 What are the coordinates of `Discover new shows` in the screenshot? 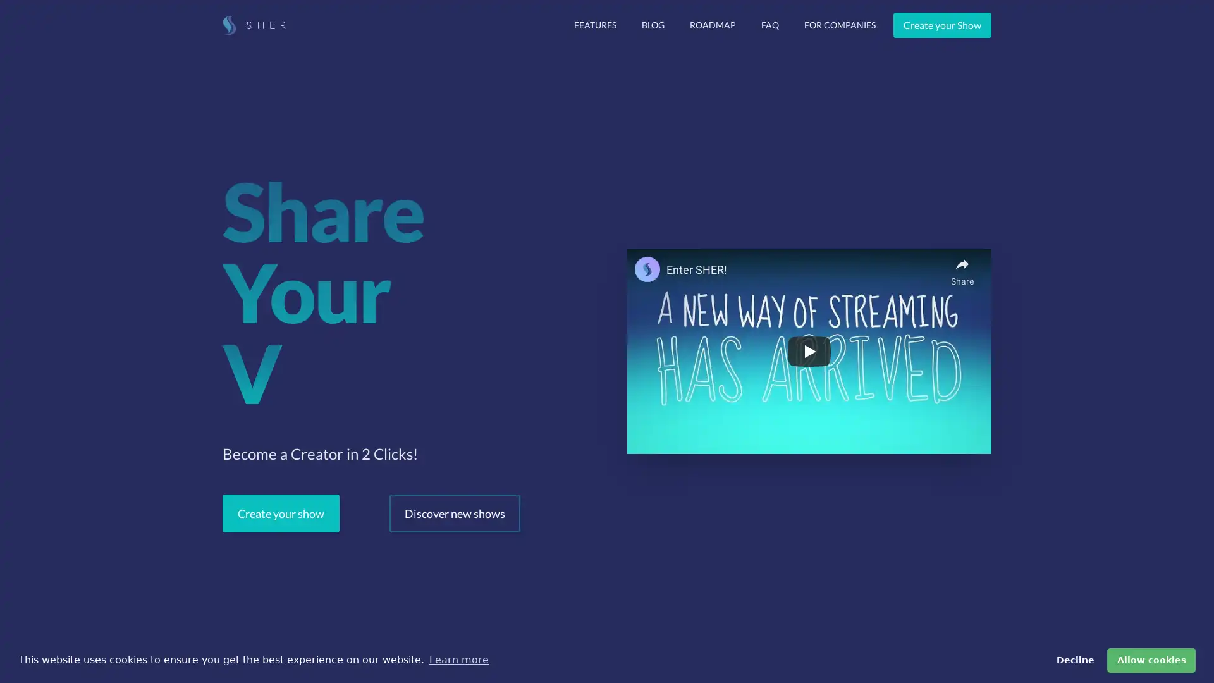 It's located at (455, 514).